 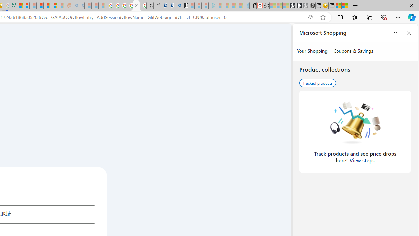 I want to click on 'Wallet', so click(x=156, y=6).